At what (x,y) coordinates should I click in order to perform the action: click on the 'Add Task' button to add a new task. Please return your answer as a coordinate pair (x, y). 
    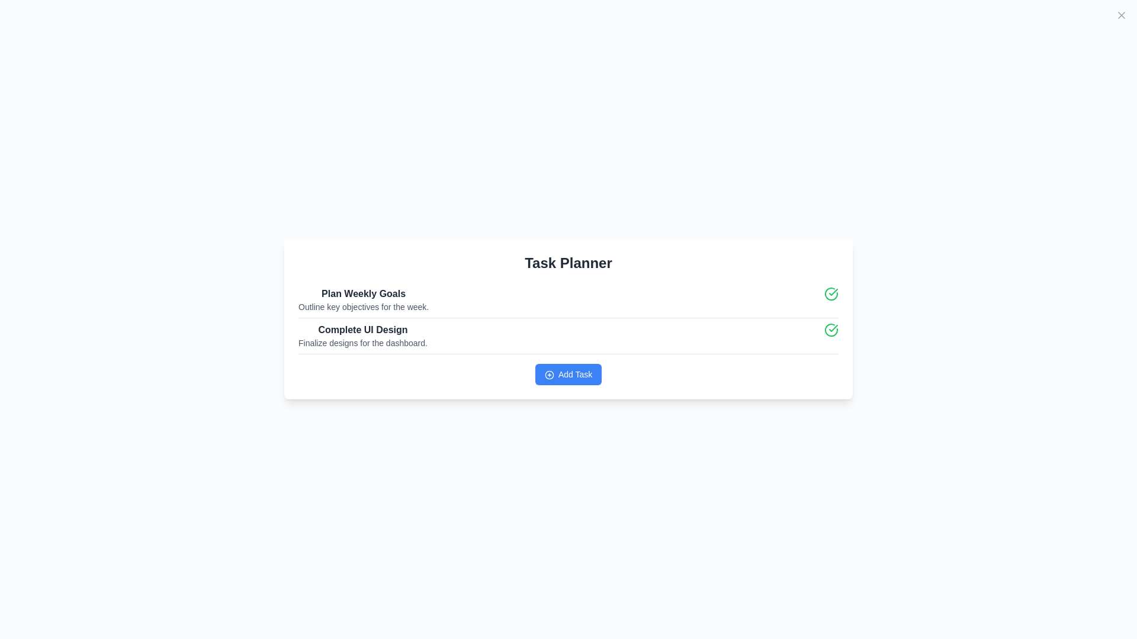
    Looking at the image, I should click on (568, 374).